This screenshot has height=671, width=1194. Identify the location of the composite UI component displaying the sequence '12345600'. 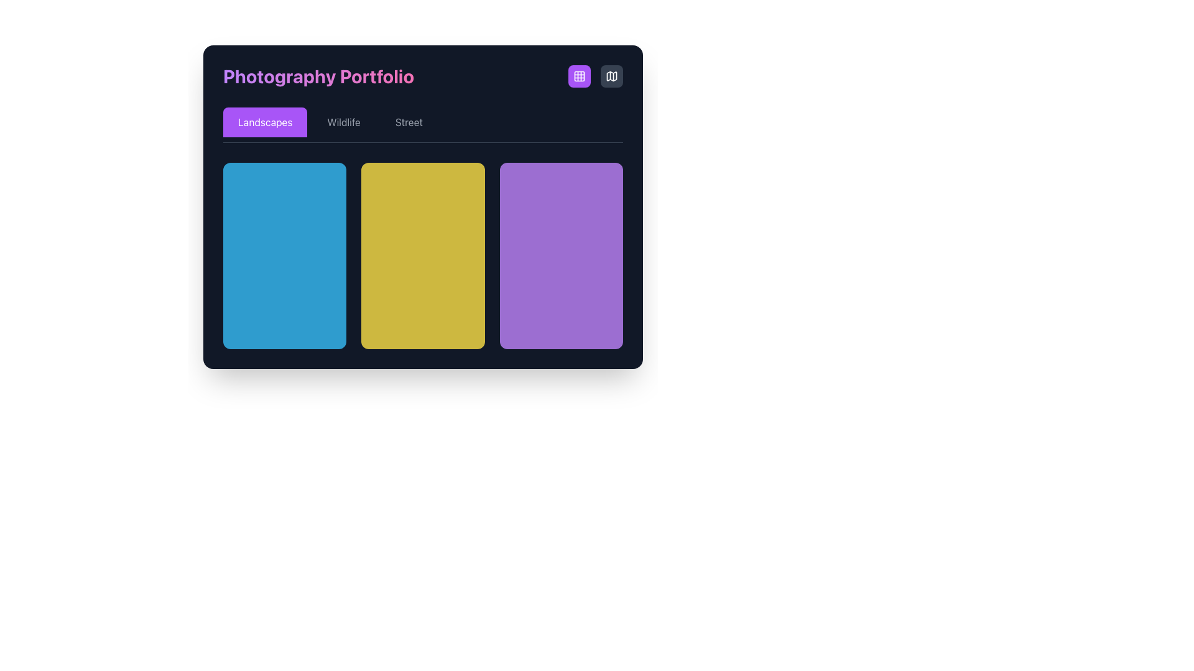
(271, 298).